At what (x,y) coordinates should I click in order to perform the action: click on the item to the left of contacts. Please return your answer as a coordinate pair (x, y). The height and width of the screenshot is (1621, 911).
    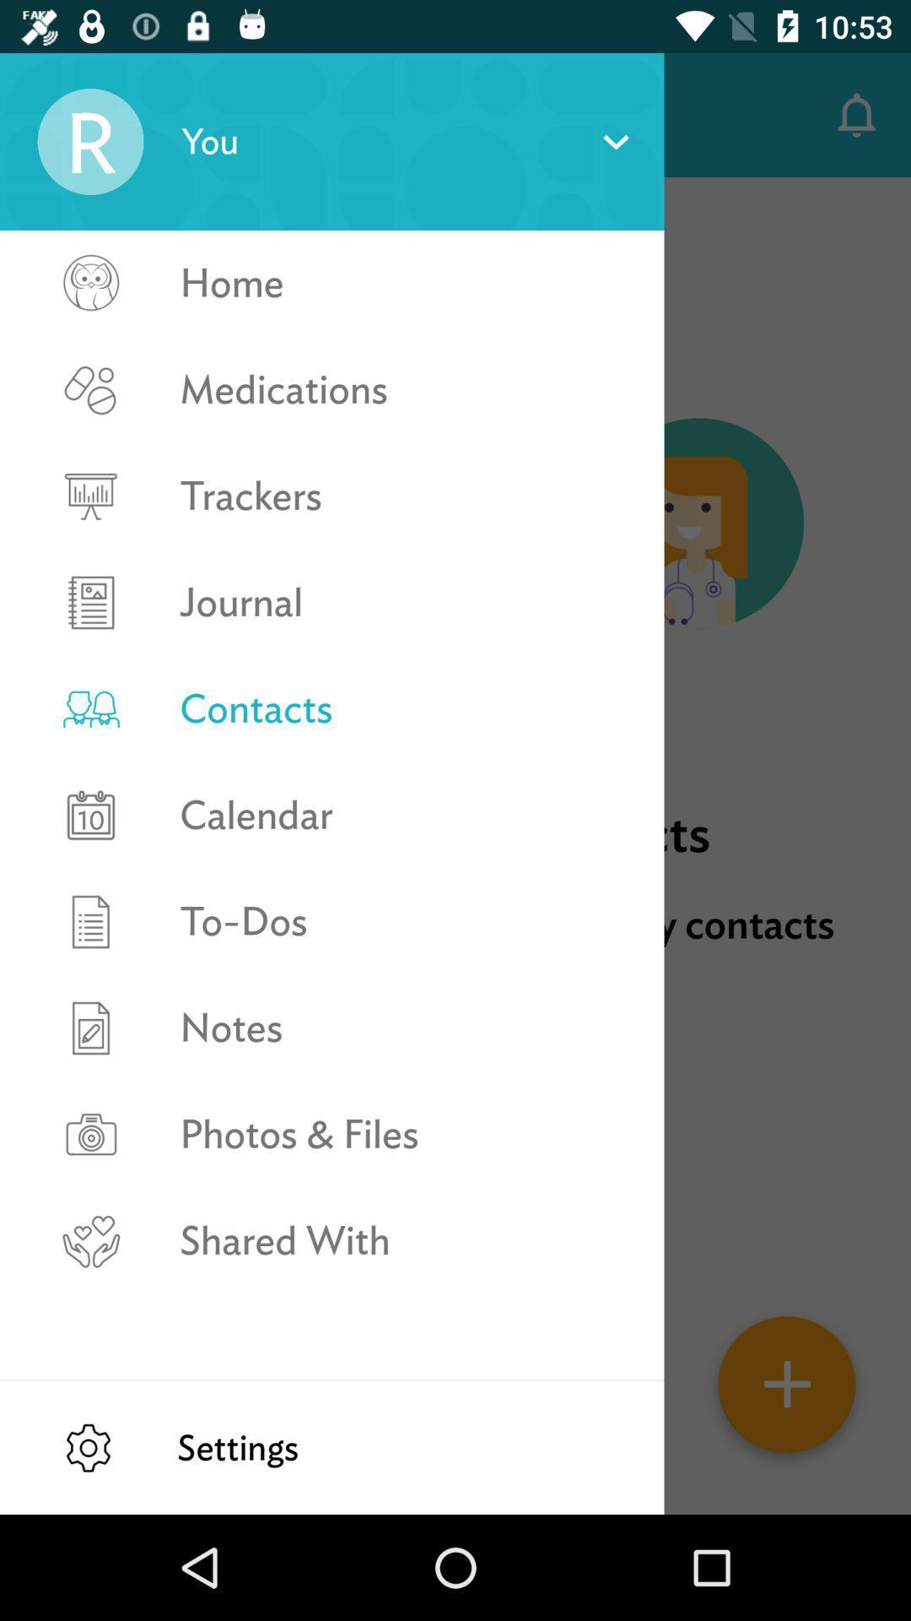
    Looking at the image, I should click on (61, 114).